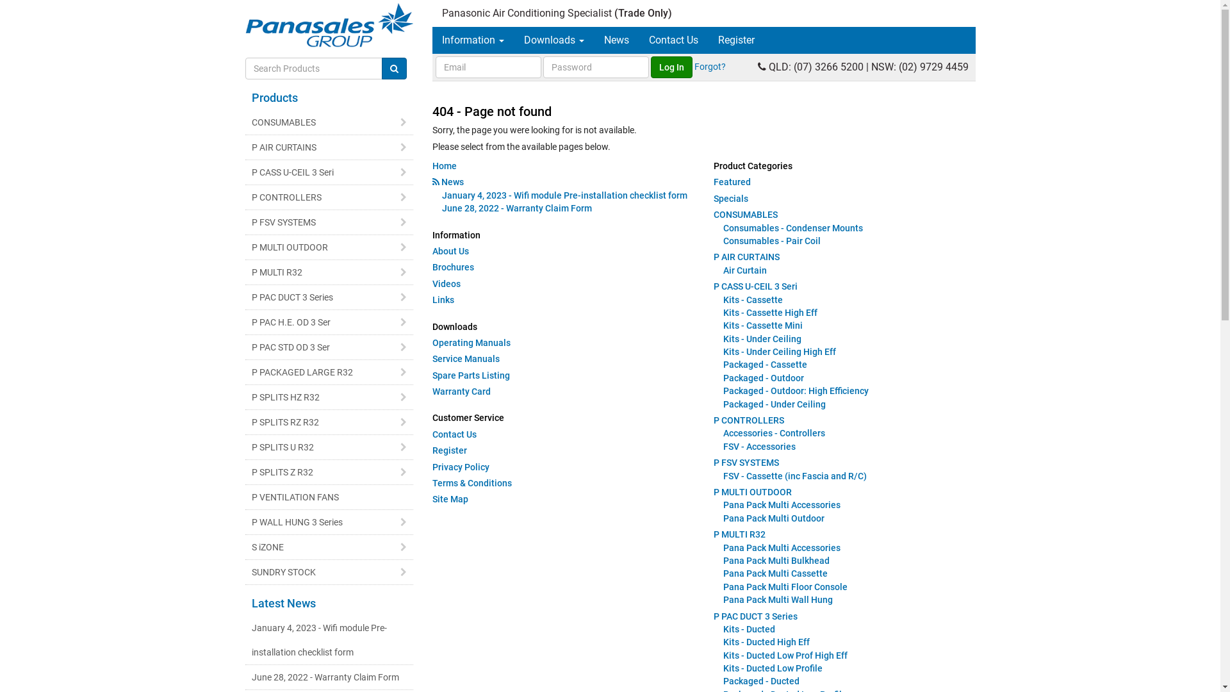 The height and width of the screenshot is (692, 1230). I want to click on 'Kits - Cassette Mini', so click(762, 325).